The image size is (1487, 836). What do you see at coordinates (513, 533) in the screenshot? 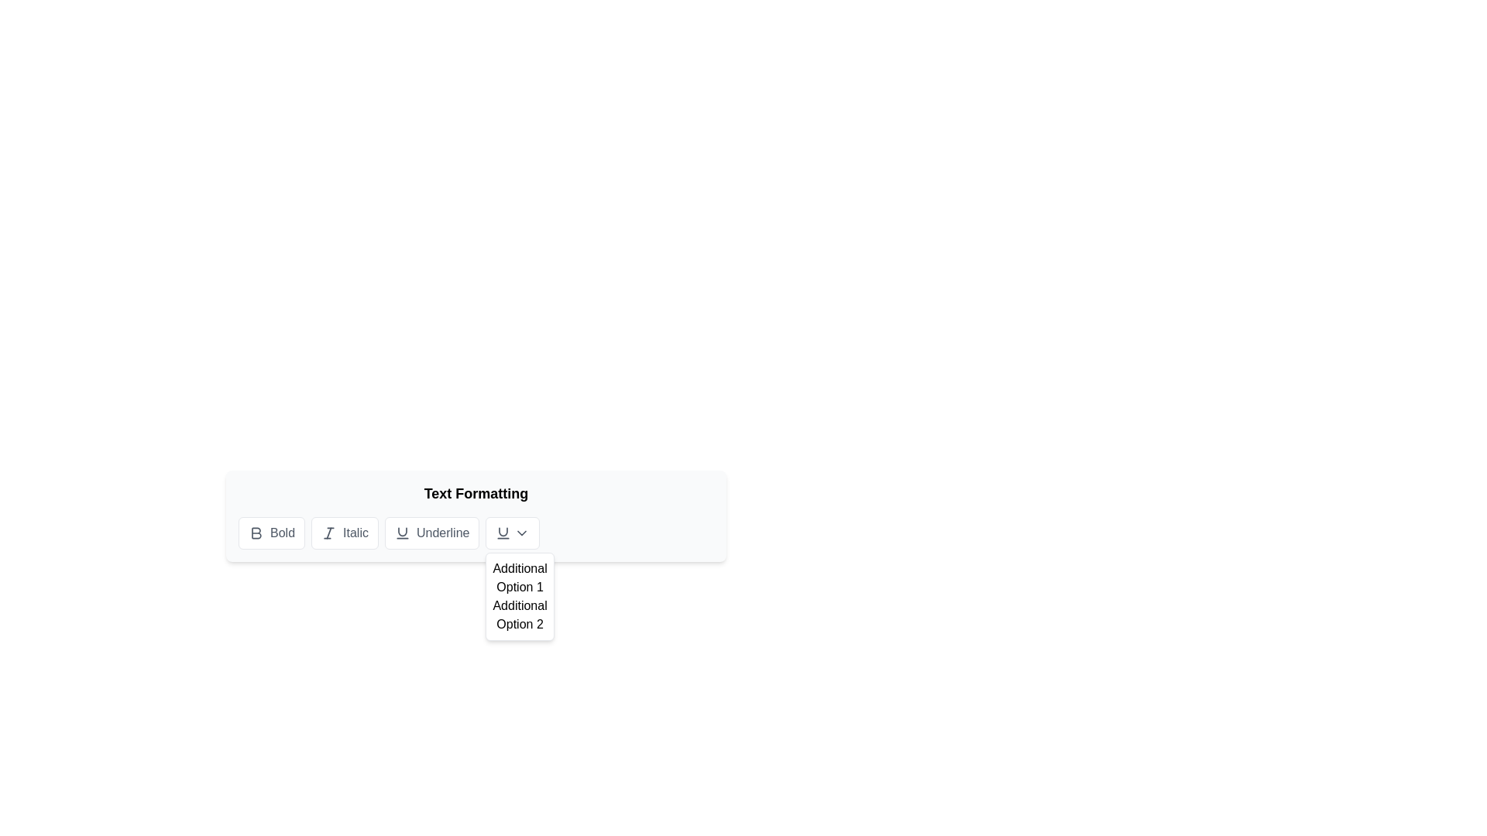
I see `the Dropdown menu located to the right of the 'Underline' button in the text formatting options using the keyboard` at bounding box center [513, 533].